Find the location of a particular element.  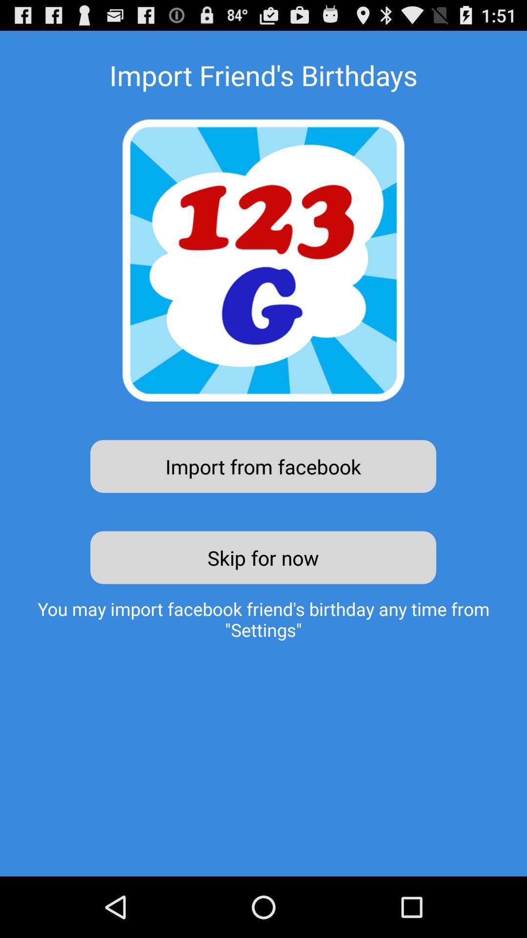

the skip for now icon is located at coordinates (263, 557).